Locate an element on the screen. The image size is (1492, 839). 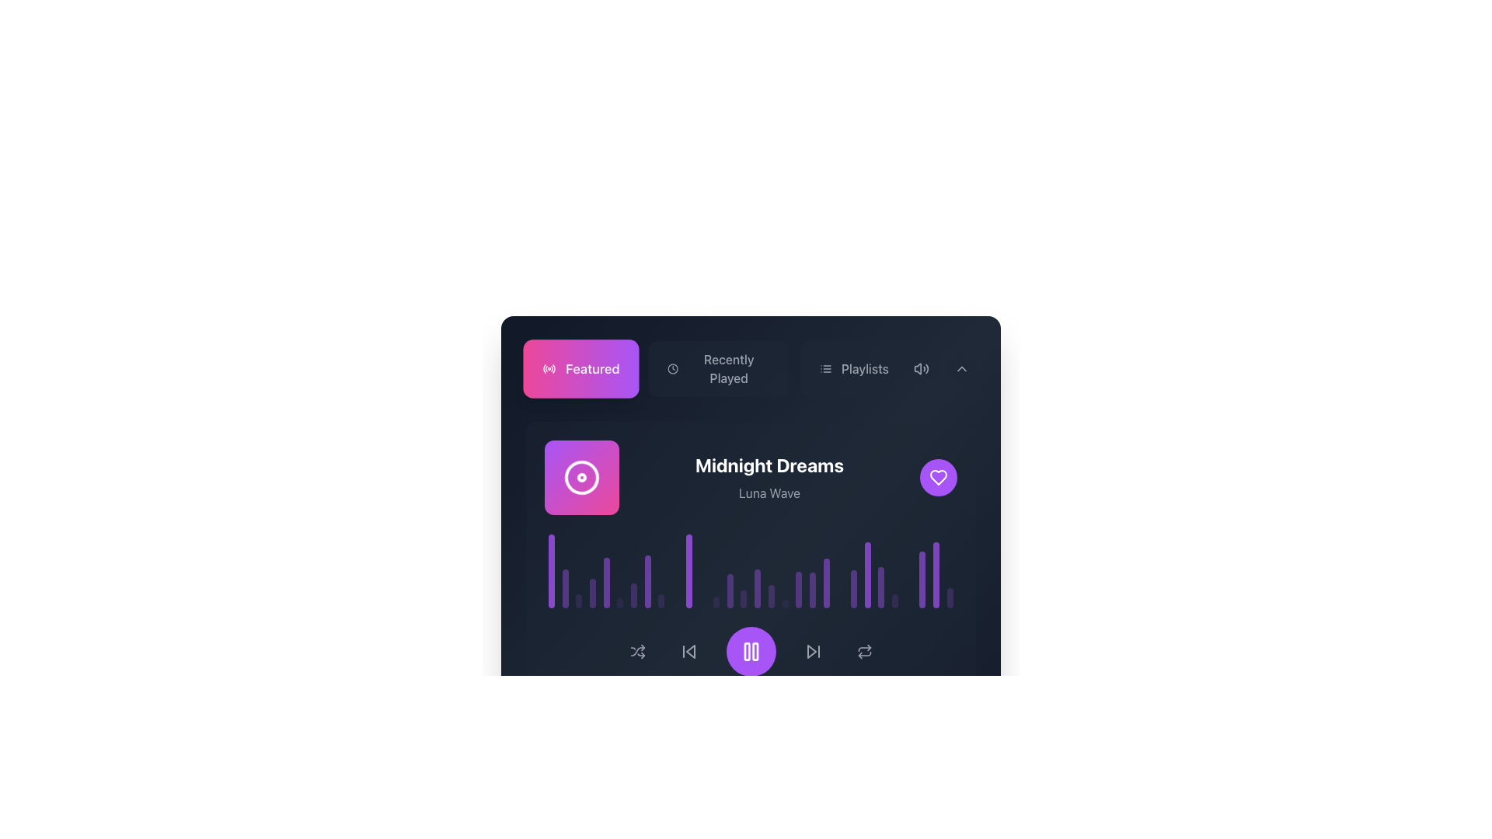
the 'Featured' text label which indicates a button for curated content, located at the top-left corner of the interface is located at coordinates (591, 368).